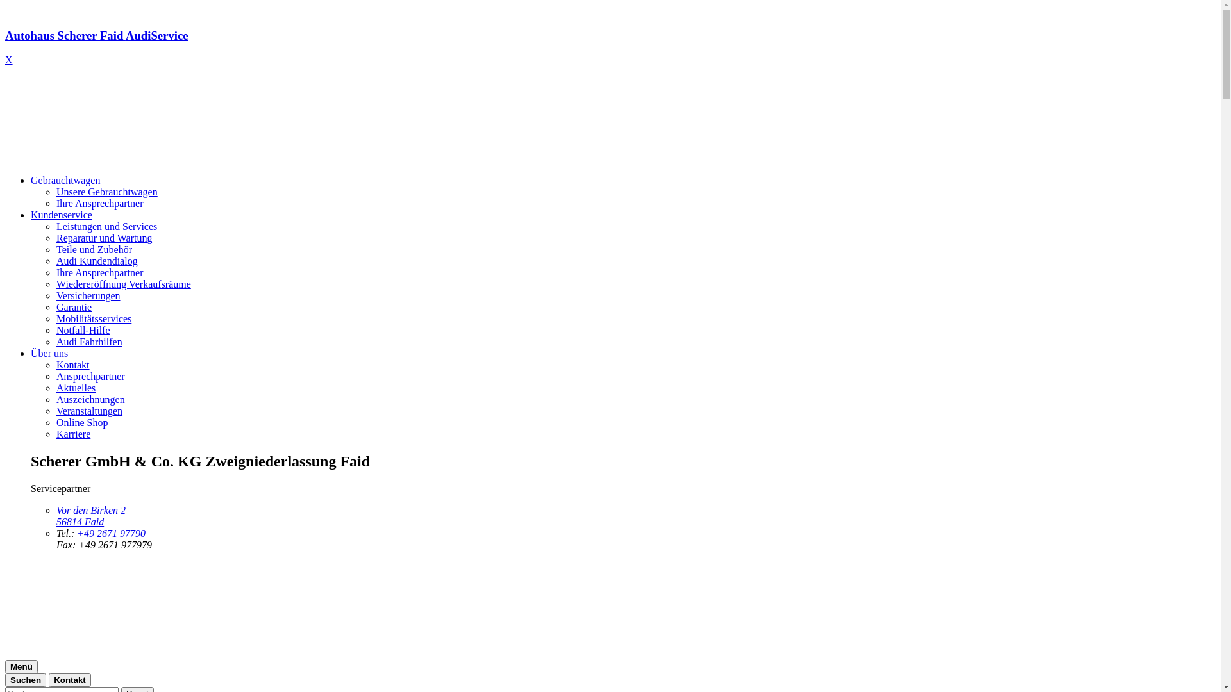 The width and height of the screenshot is (1231, 692). What do you see at coordinates (31, 180) in the screenshot?
I see `'Gebrauchtwagen'` at bounding box center [31, 180].